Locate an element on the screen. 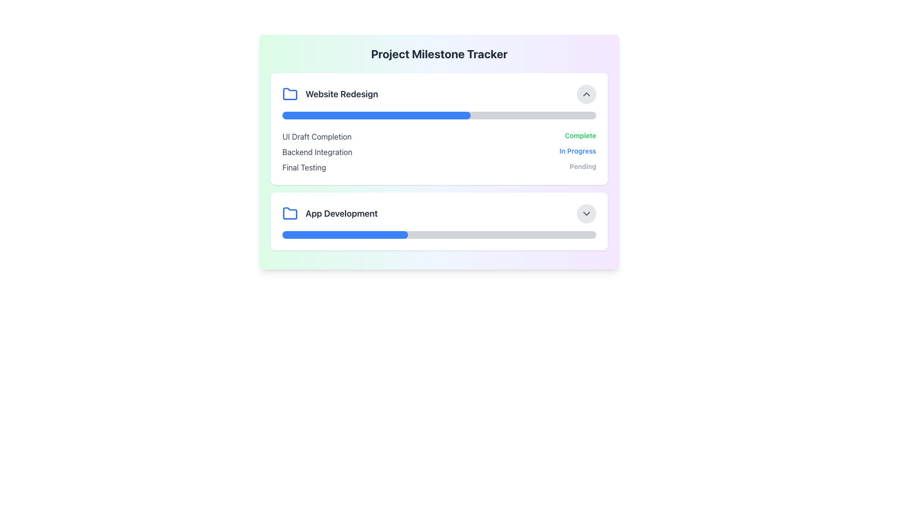 This screenshot has height=520, width=924. the progress bar is located at coordinates (417, 115).